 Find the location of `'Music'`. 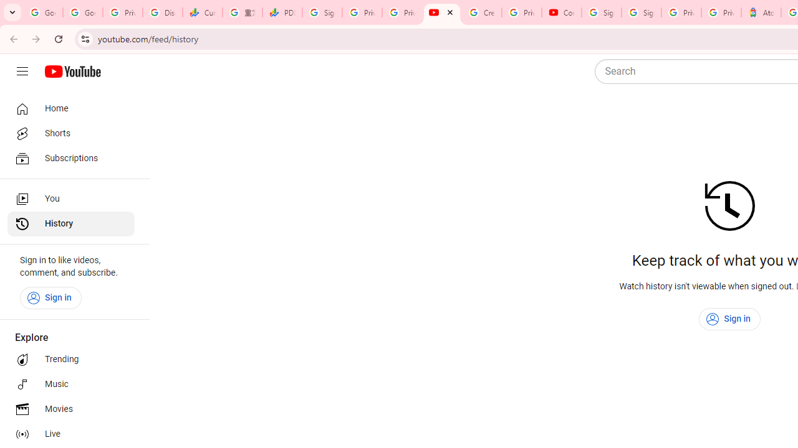

'Music' is located at coordinates (70, 384).